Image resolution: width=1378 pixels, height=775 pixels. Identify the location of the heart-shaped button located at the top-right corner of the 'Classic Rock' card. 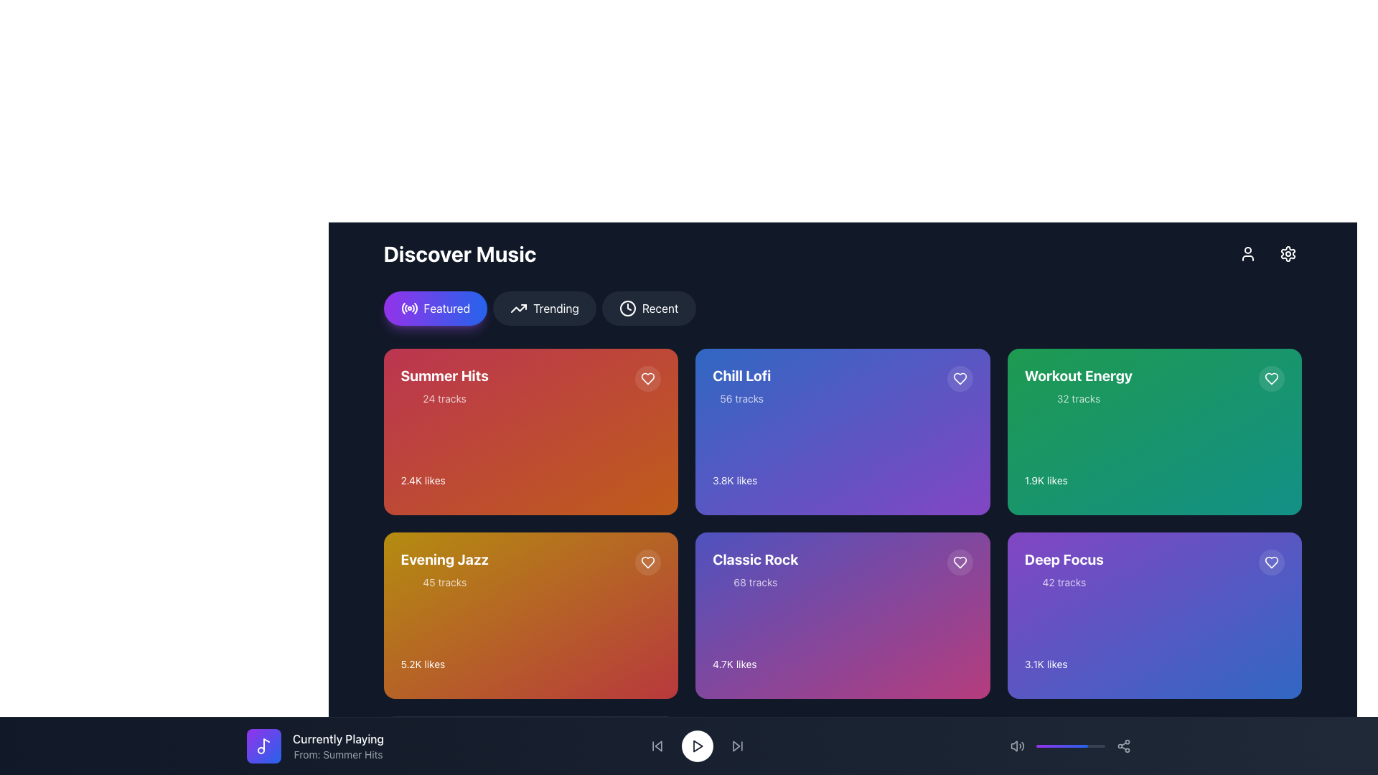
(960, 561).